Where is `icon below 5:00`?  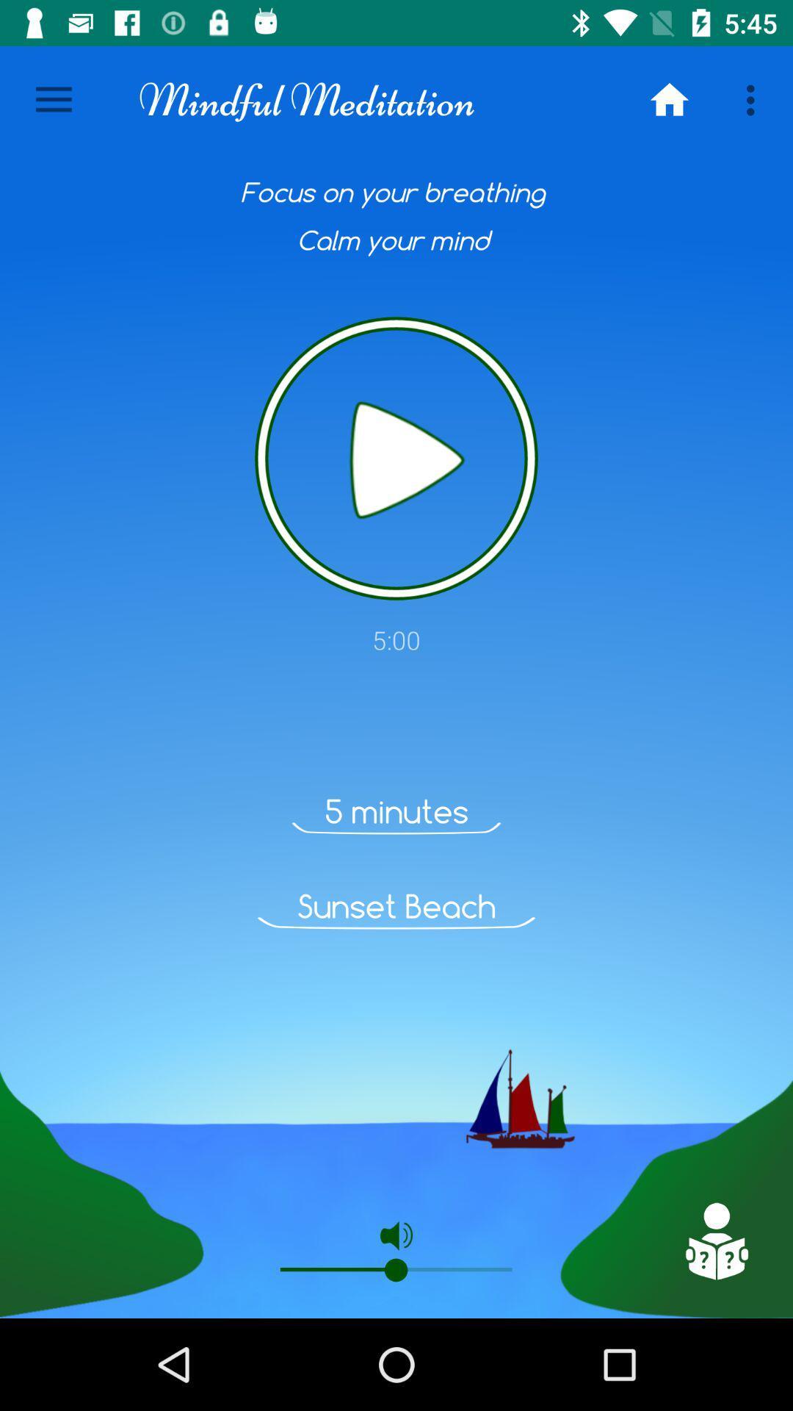 icon below 5:00 is located at coordinates (715, 1241).